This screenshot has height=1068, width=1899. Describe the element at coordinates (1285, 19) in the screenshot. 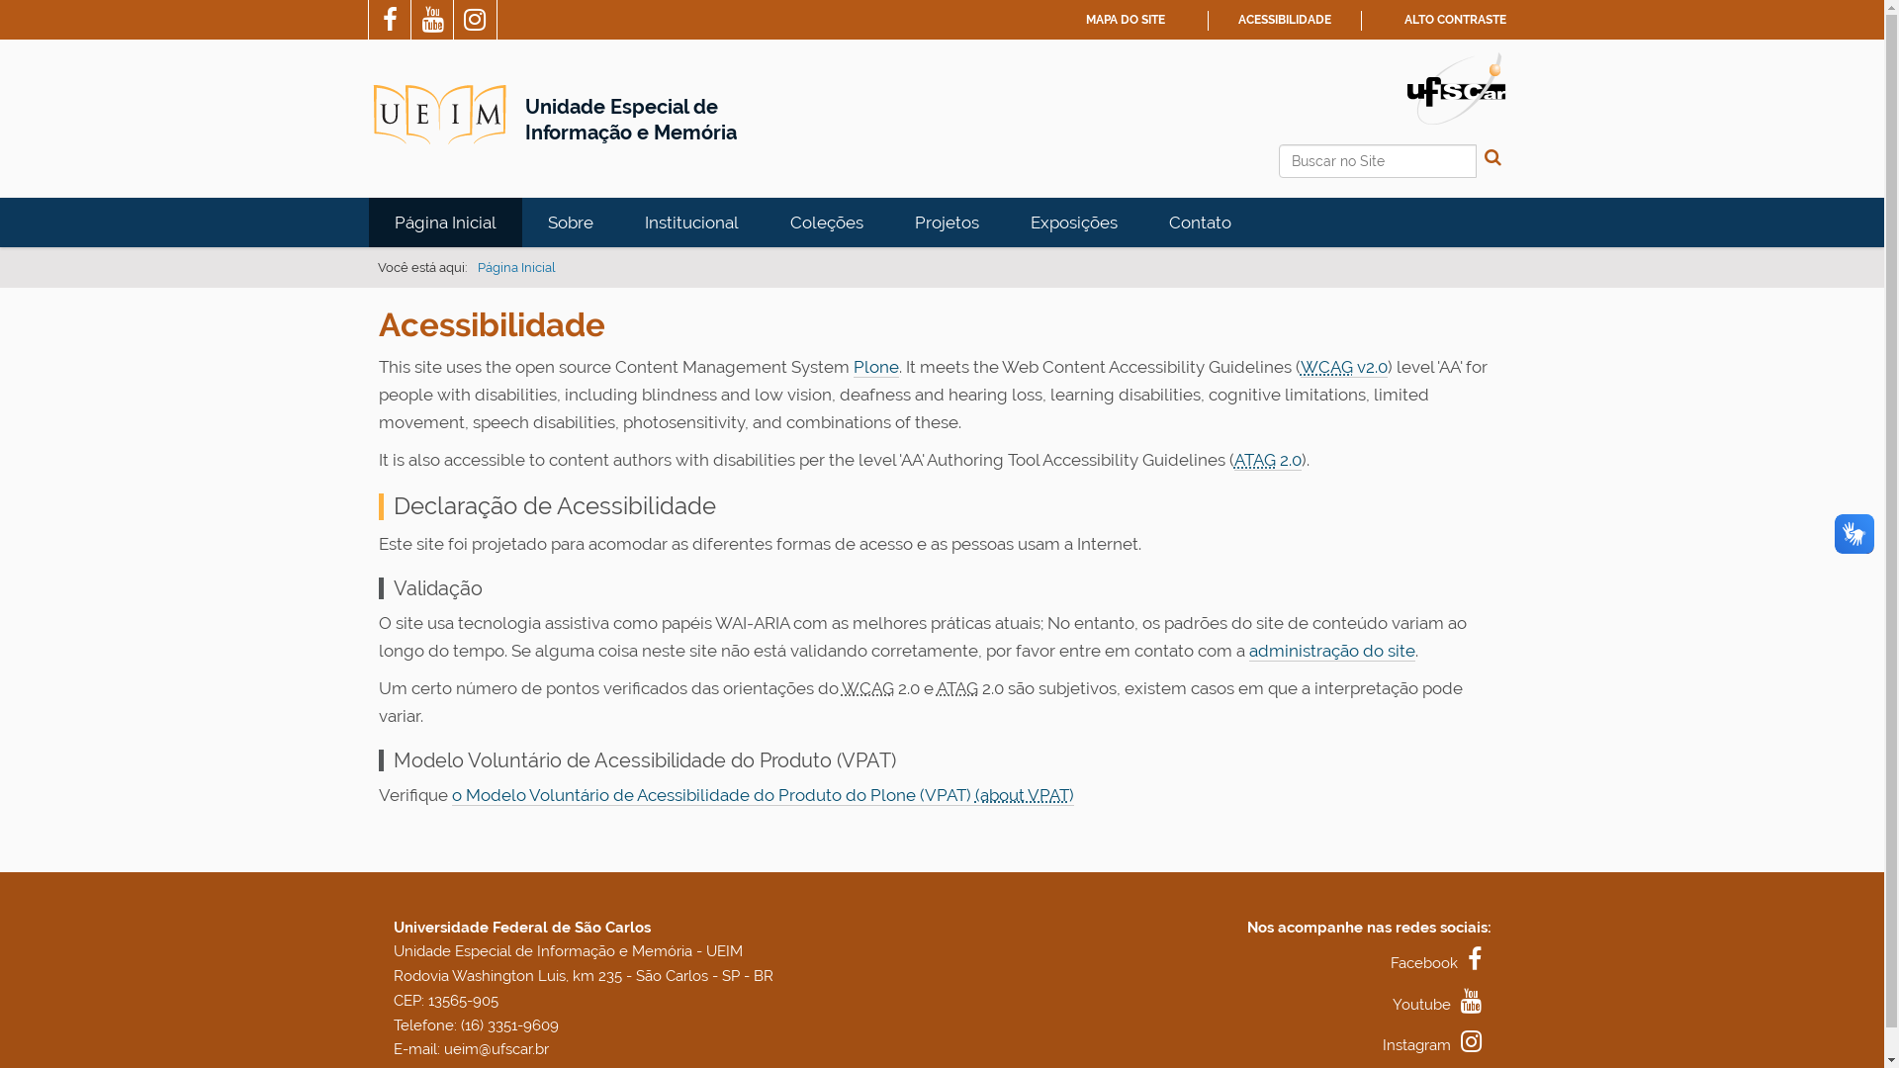

I see `'ACESSIBILIDADE'` at that location.